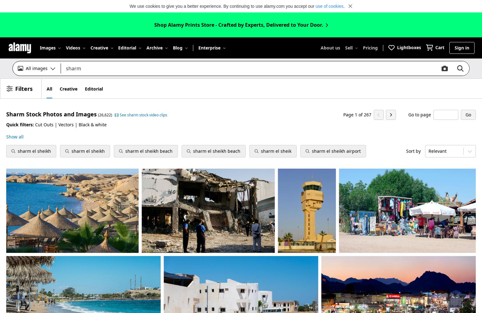 This screenshot has width=482, height=313. What do you see at coordinates (15, 136) in the screenshot?
I see `'Show all'` at bounding box center [15, 136].